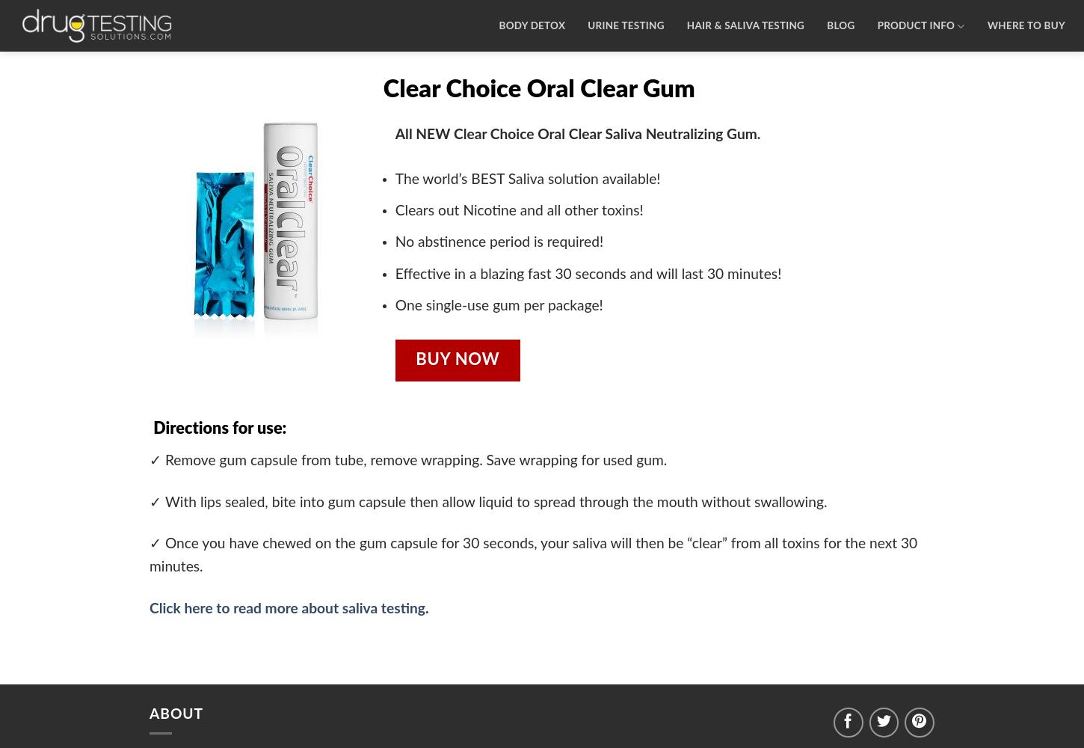  Describe the element at coordinates (1024, 26) in the screenshot. I see `'WHERE TO BUY'` at that location.